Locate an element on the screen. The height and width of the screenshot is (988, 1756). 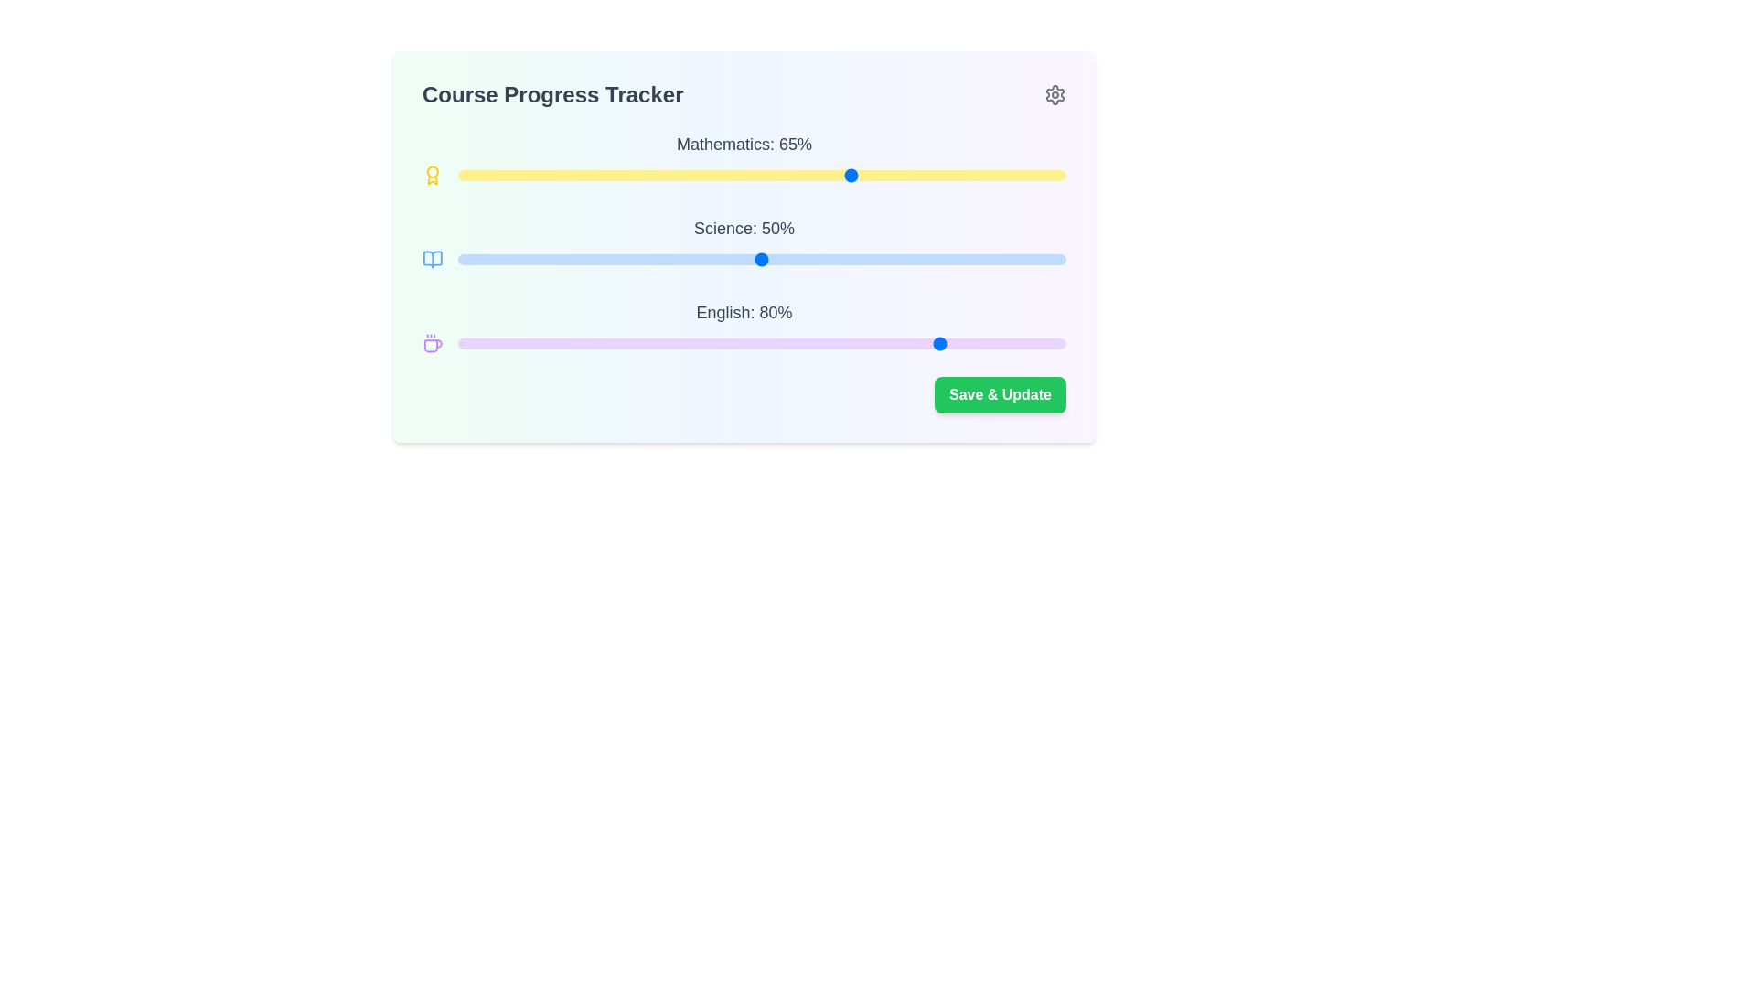
the progress of Mathematics is located at coordinates (604, 176).